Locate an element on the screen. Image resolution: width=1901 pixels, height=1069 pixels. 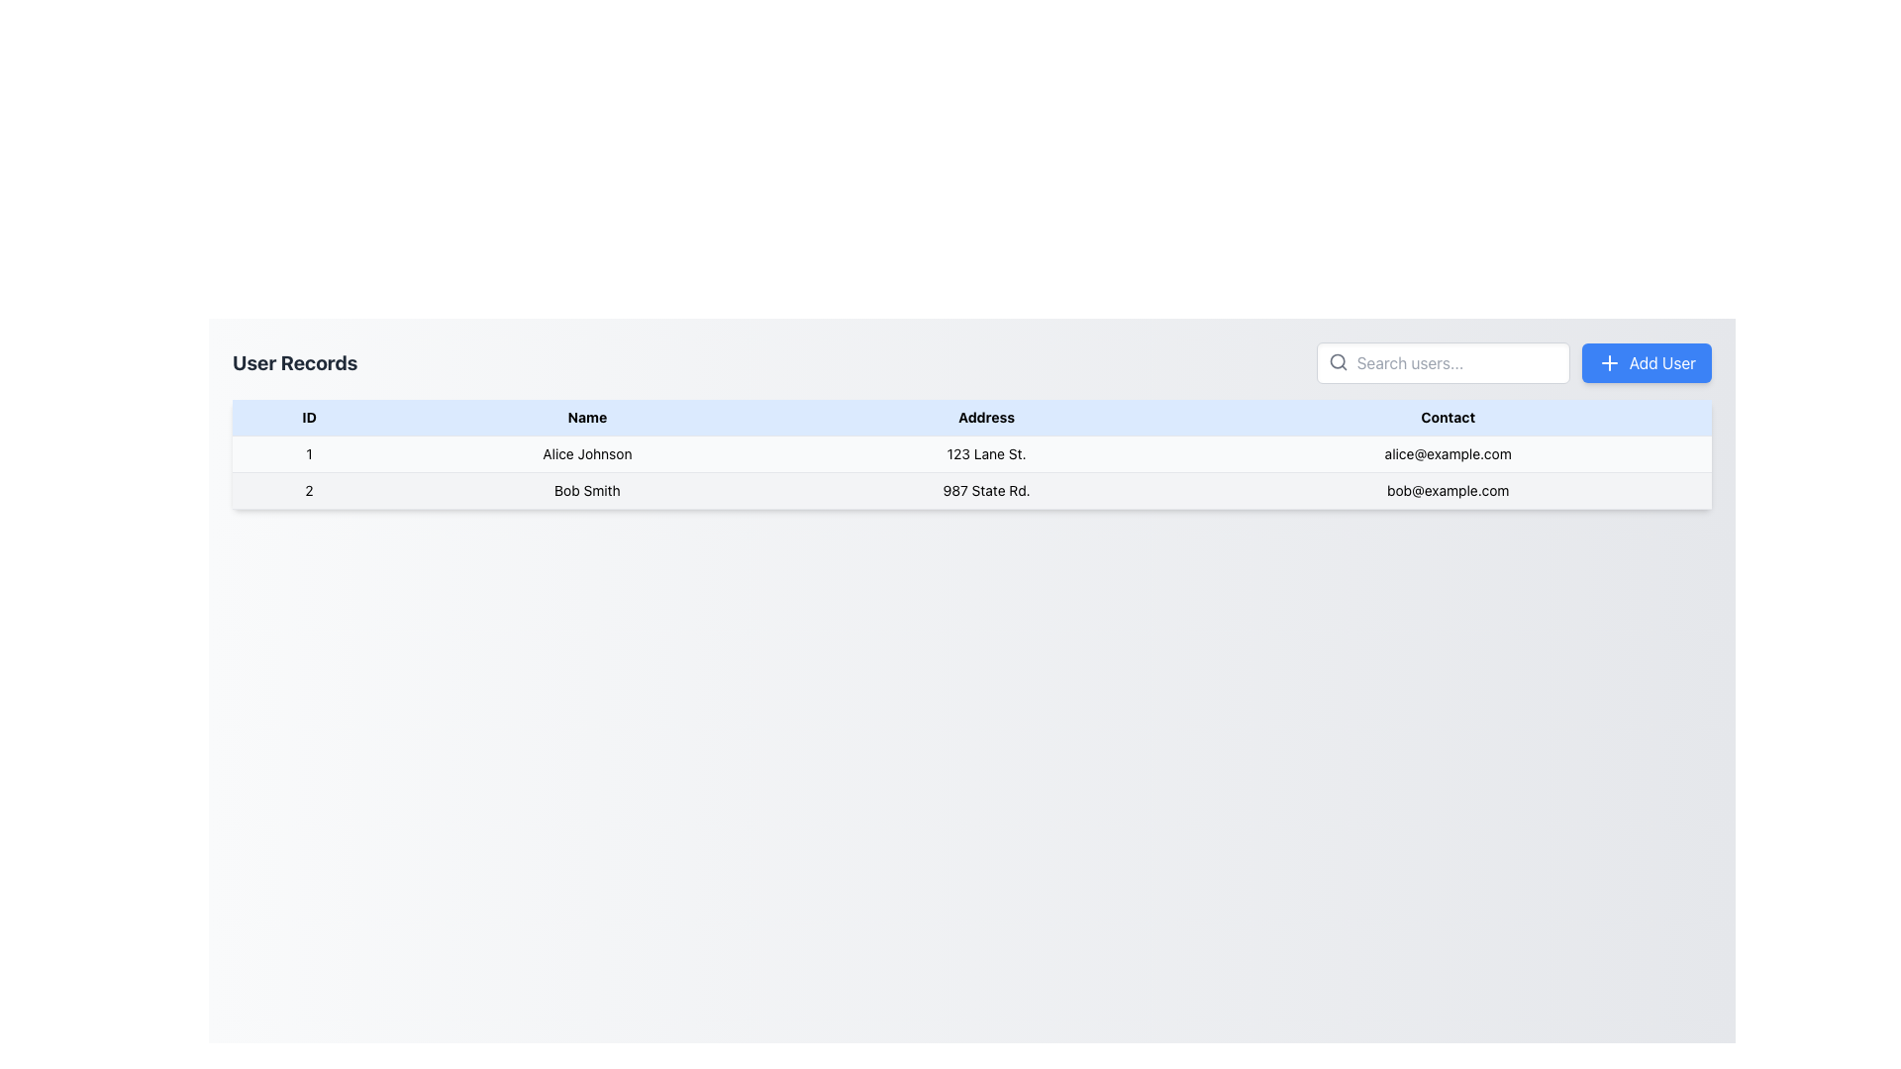
the 'ID' column header cell in the table, which is the first column header at the top-left of the table is located at coordinates (308, 417).